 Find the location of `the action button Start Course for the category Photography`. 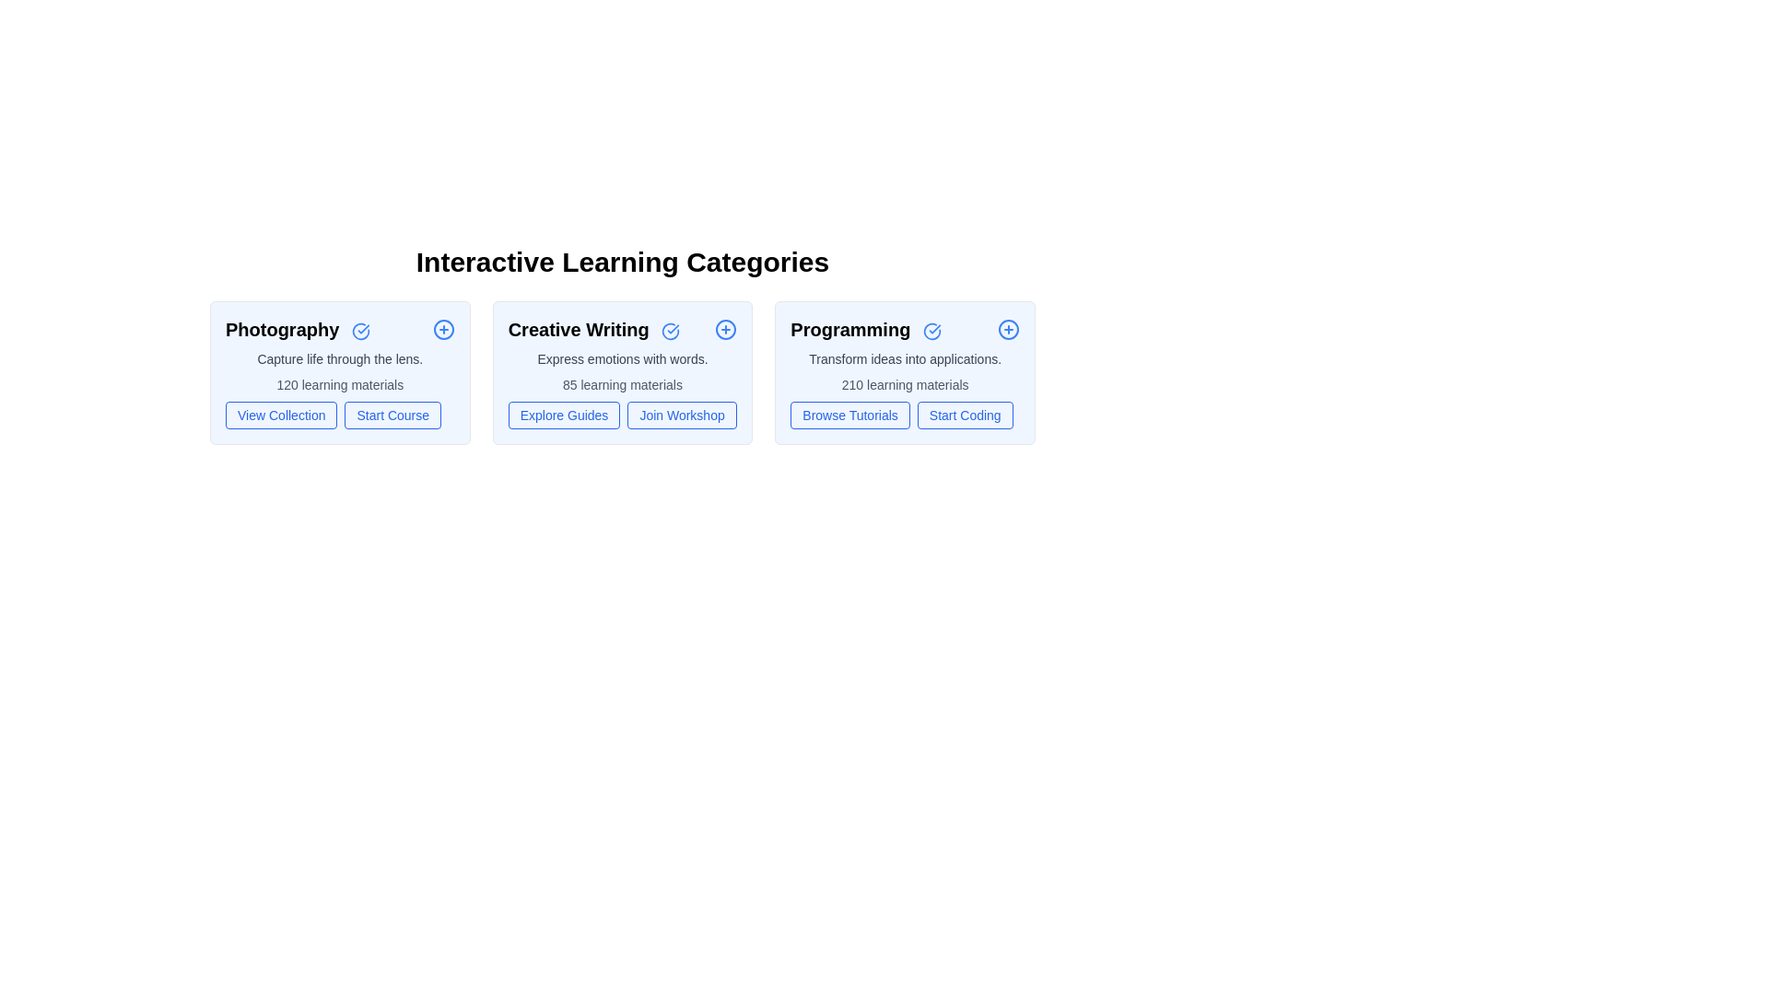

the action button Start Course for the category Photography is located at coordinates (392, 416).